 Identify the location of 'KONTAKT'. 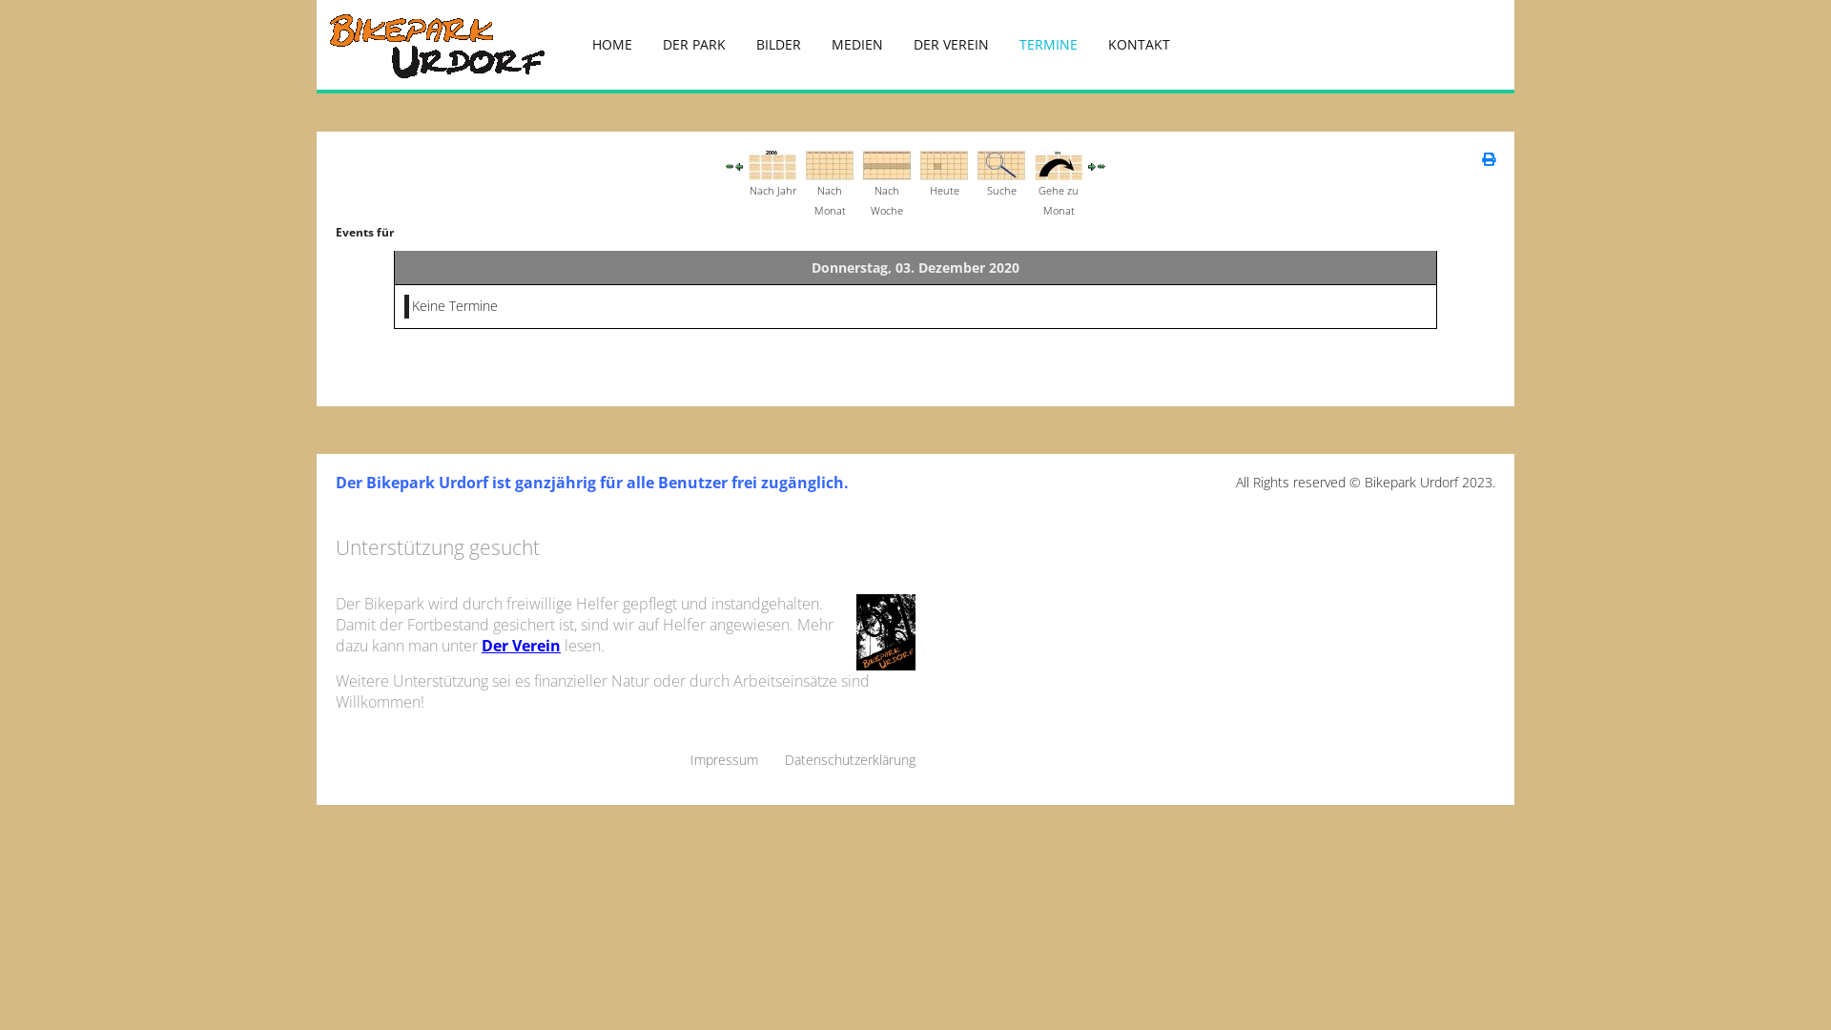
(1139, 43).